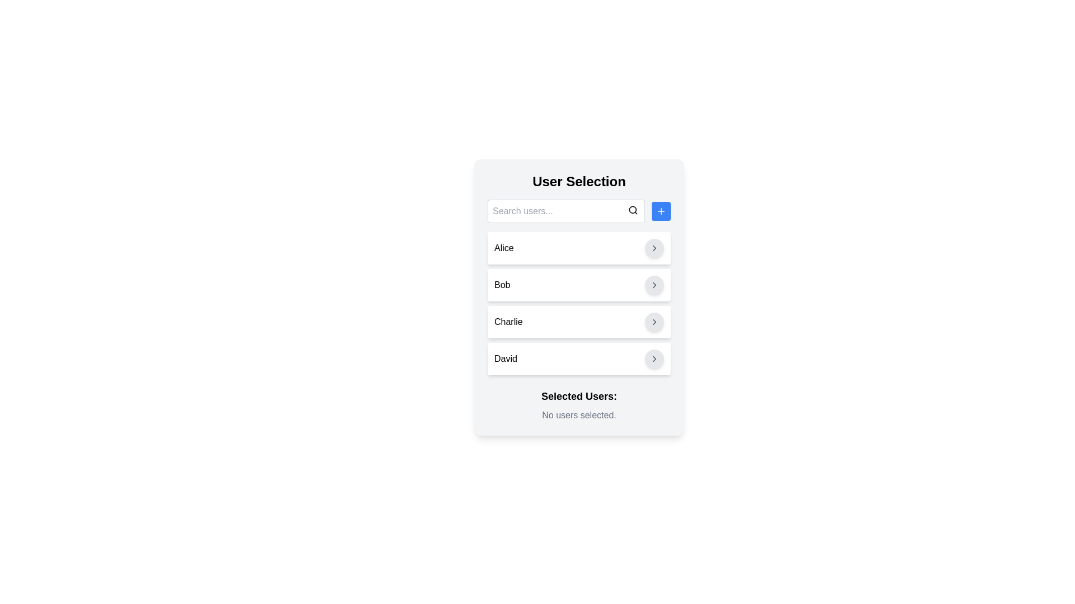  I want to click on the informational static text indicating that no users have been selected, located beneath the 'Selected Users:' header, so click(579, 416).